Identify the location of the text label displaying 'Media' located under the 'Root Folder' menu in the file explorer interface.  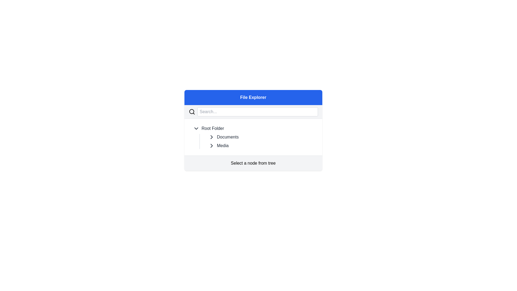
(223, 145).